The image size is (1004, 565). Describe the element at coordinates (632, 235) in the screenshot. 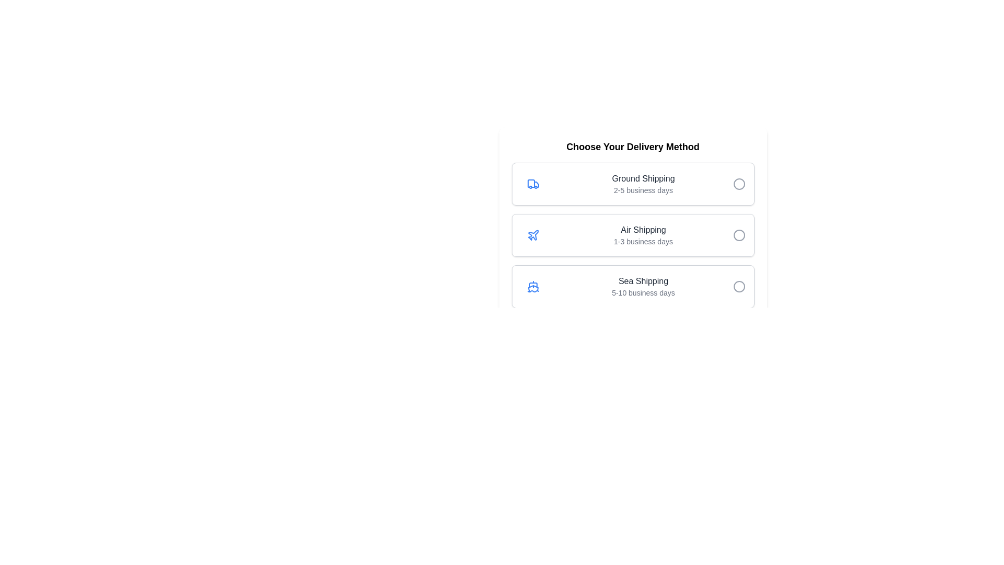

I see `the 'Air Shipping' selectable option in the delivery method list` at that location.